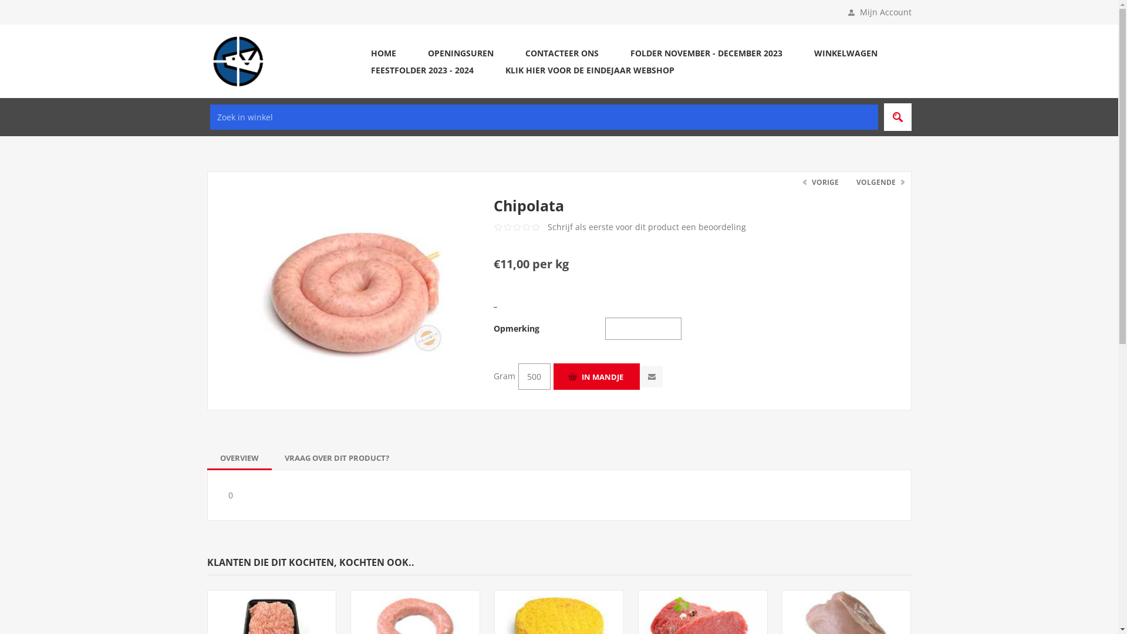  I want to click on 'Afbeelding van Chipolata', so click(355, 289).